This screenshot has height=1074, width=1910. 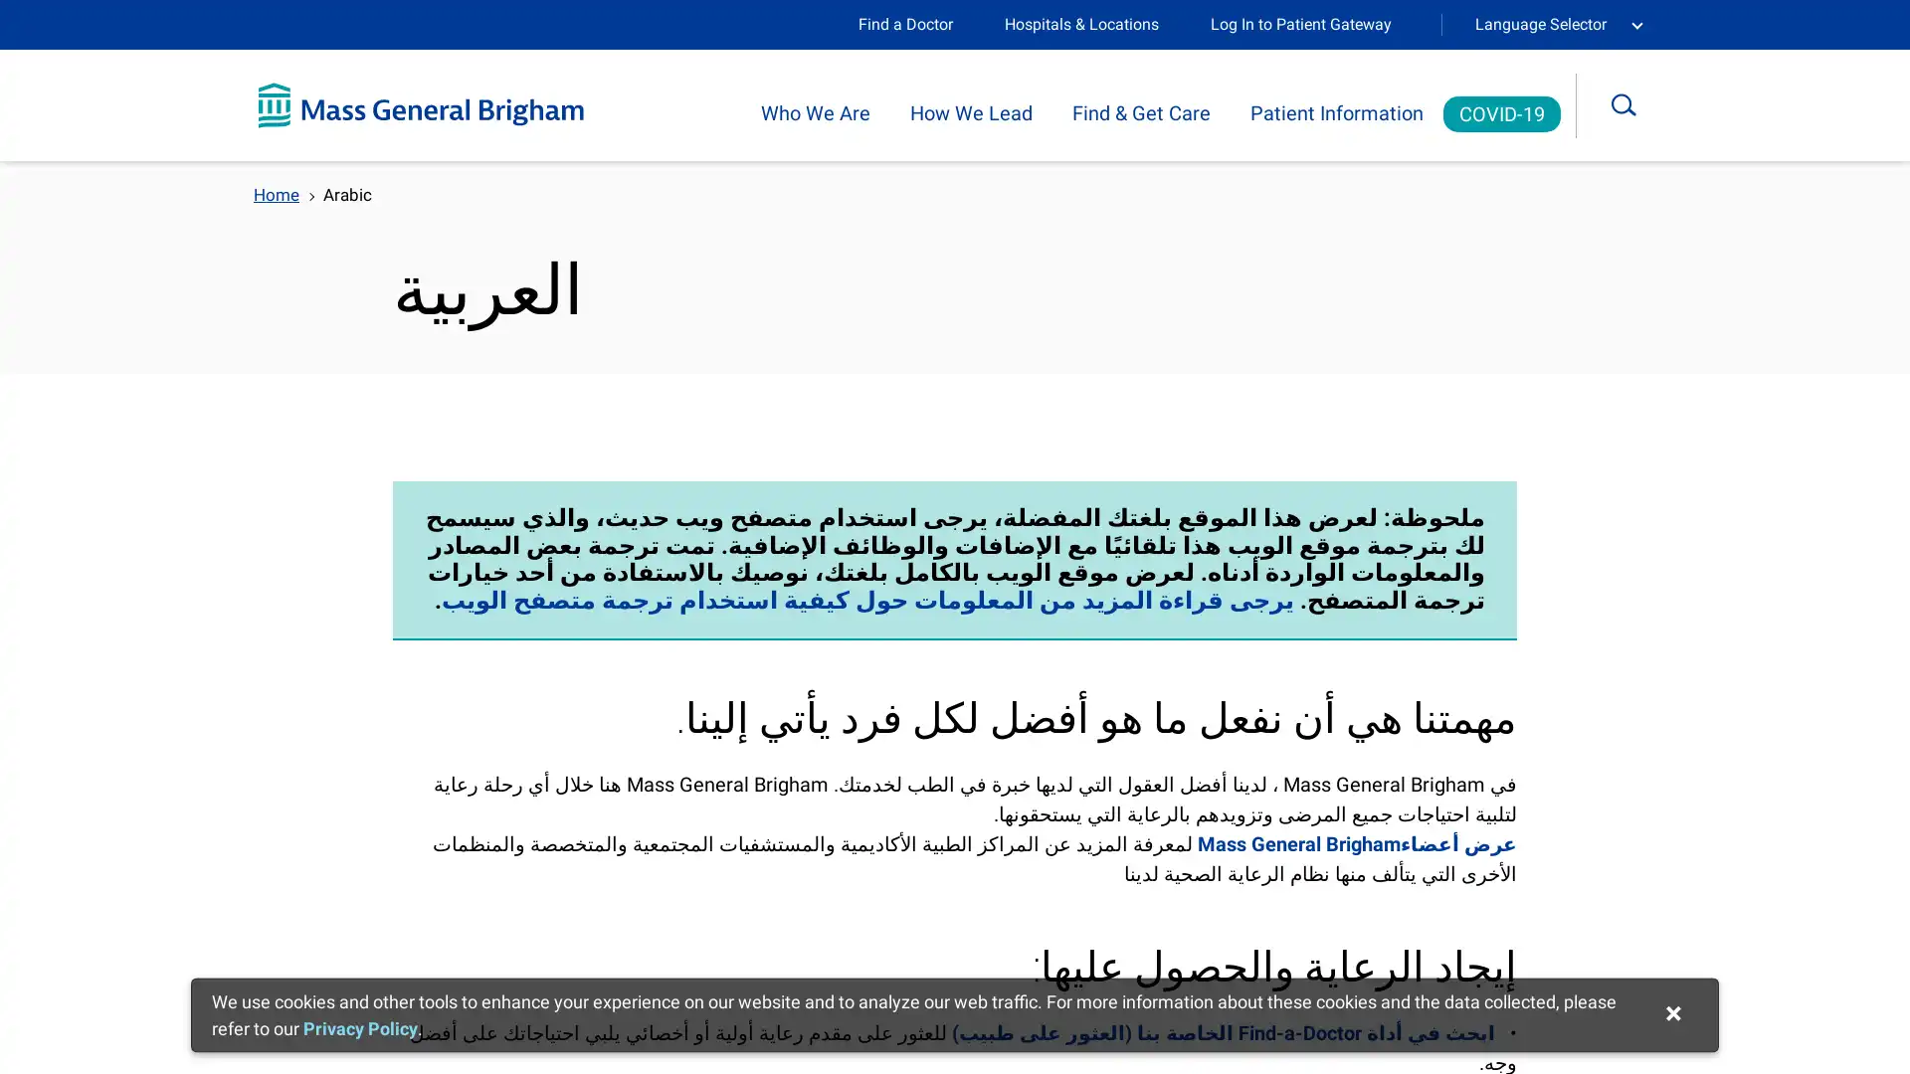 What do you see at coordinates (1637, 104) in the screenshot?
I see `Search` at bounding box center [1637, 104].